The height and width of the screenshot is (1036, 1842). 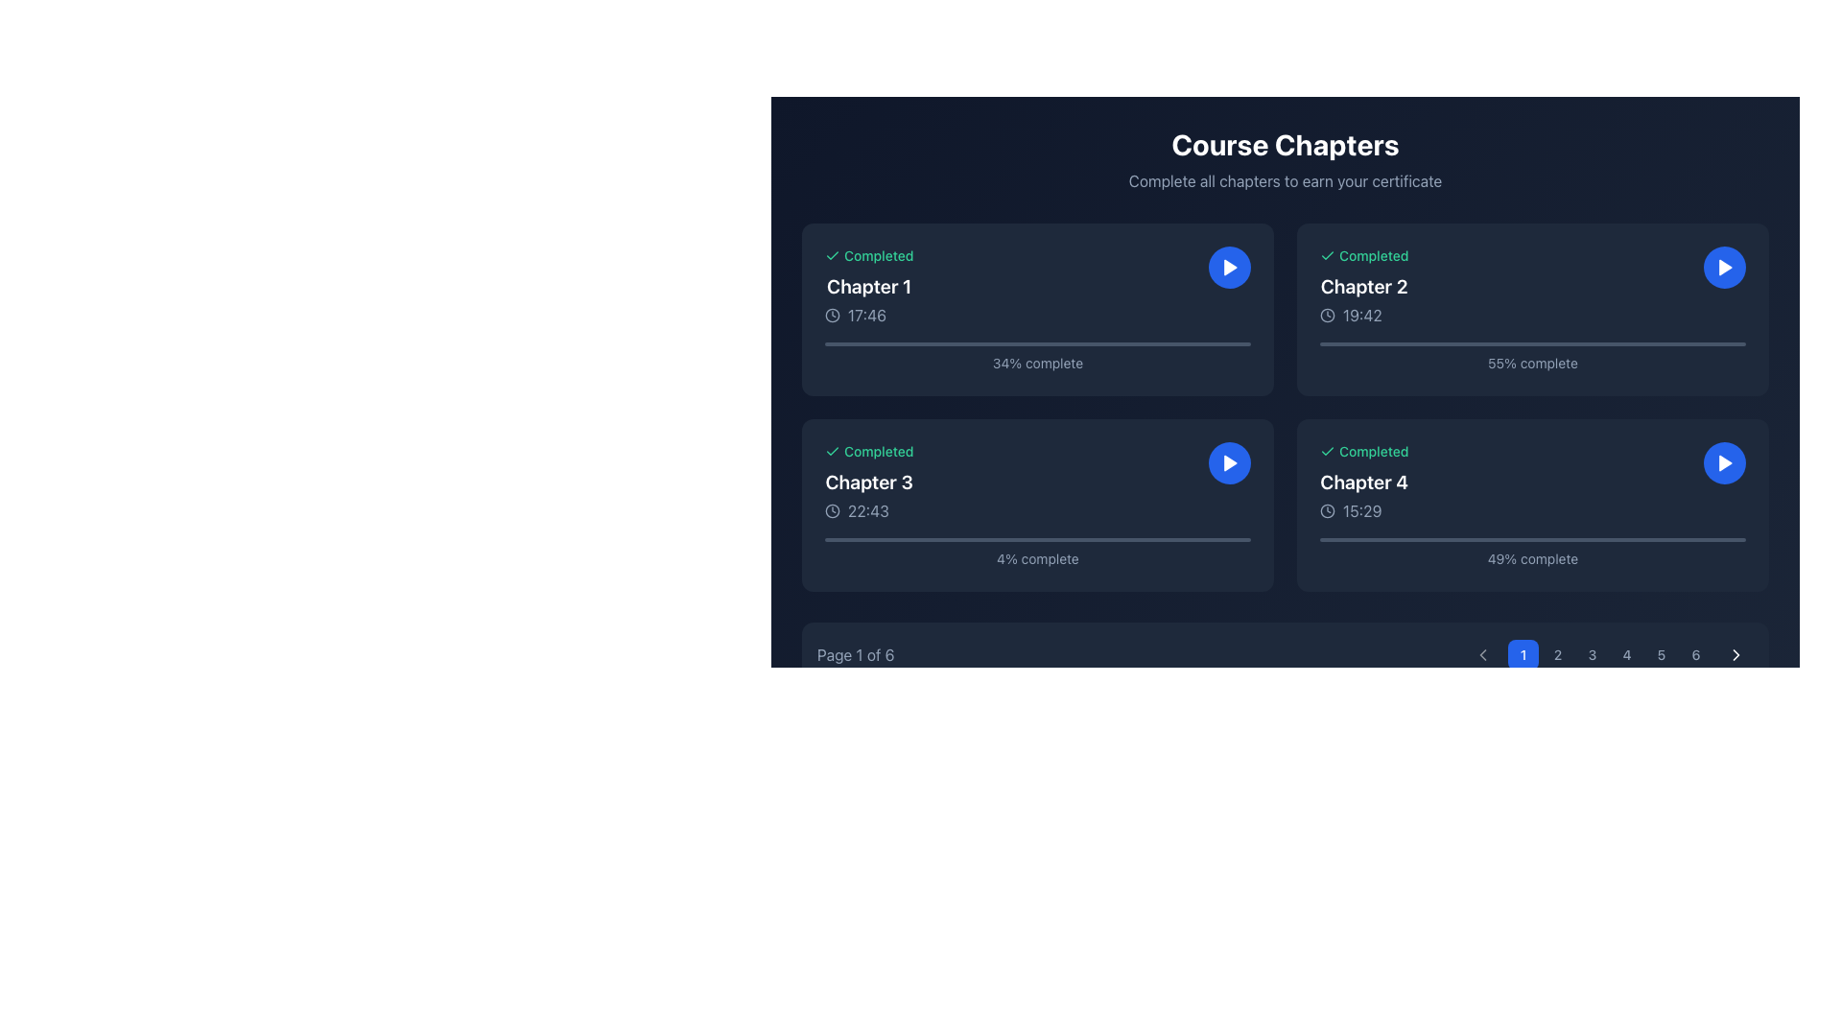 I want to click on the static progress bar indicating the completion of 'Chapter 4', which is located below the duration text '15:29' and above the label '49% complete', so click(x=1532, y=540).